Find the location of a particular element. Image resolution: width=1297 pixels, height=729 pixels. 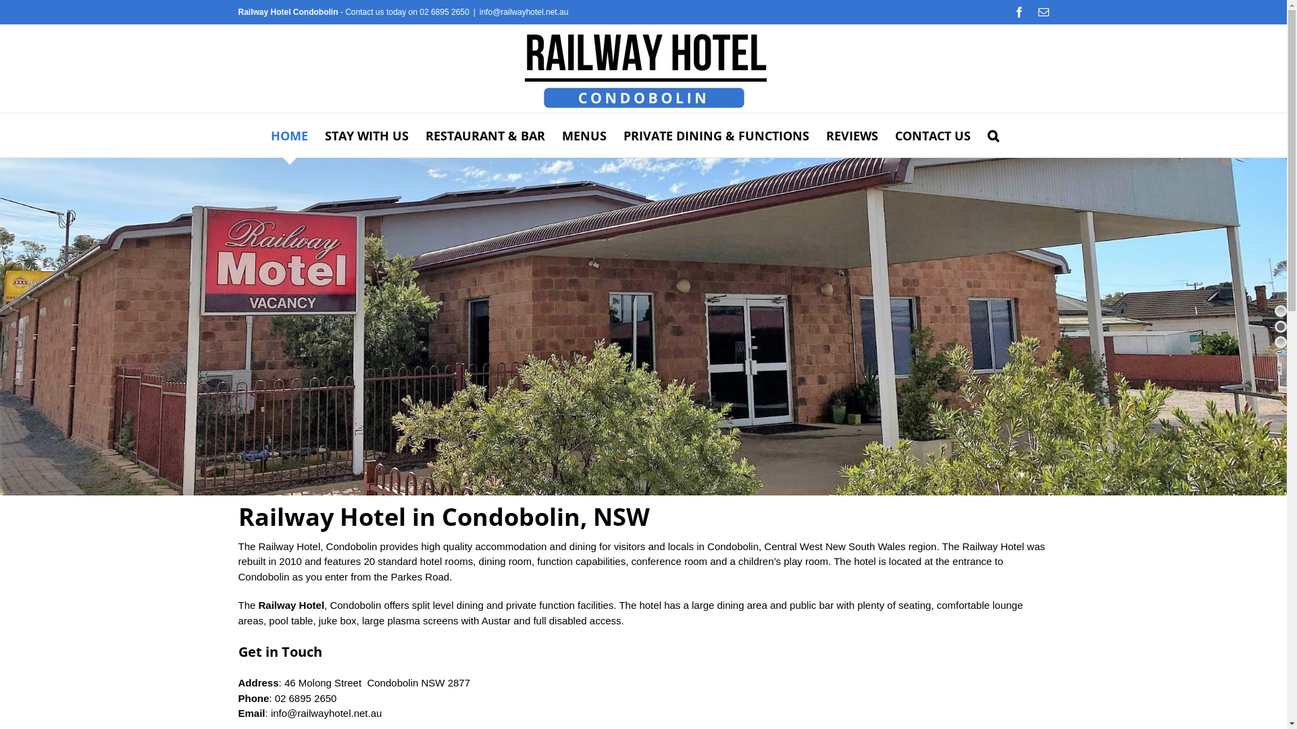

'46 Molong Street  Condobolin NSW 2877' is located at coordinates (377, 682).